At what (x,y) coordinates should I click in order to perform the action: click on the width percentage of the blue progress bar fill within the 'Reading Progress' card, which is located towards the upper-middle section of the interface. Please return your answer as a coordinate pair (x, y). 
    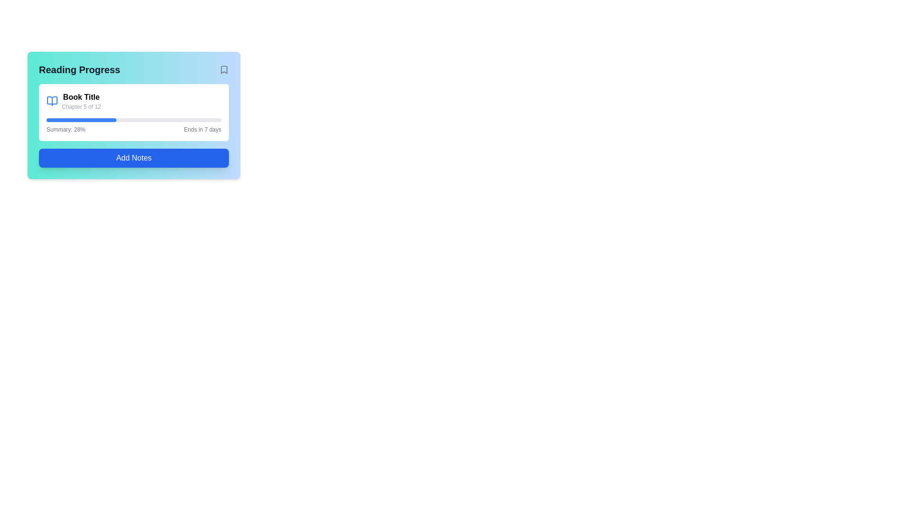
    Looking at the image, I should click on (81, 120).